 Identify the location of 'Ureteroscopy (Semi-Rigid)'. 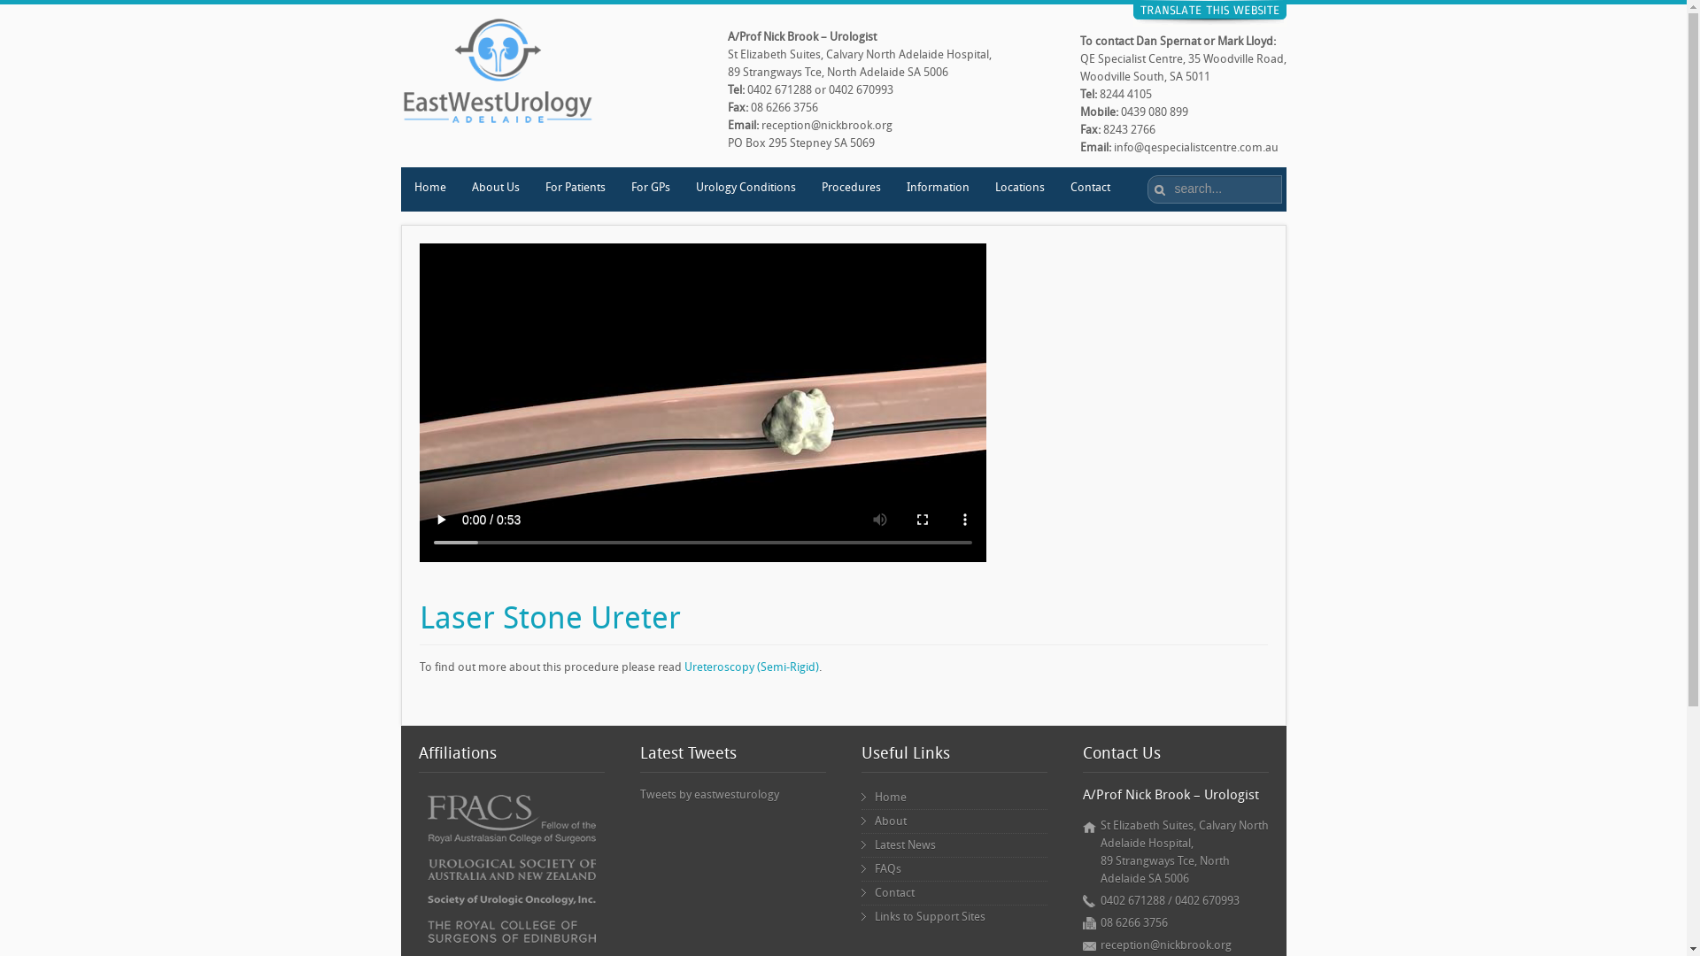
(751, 667).